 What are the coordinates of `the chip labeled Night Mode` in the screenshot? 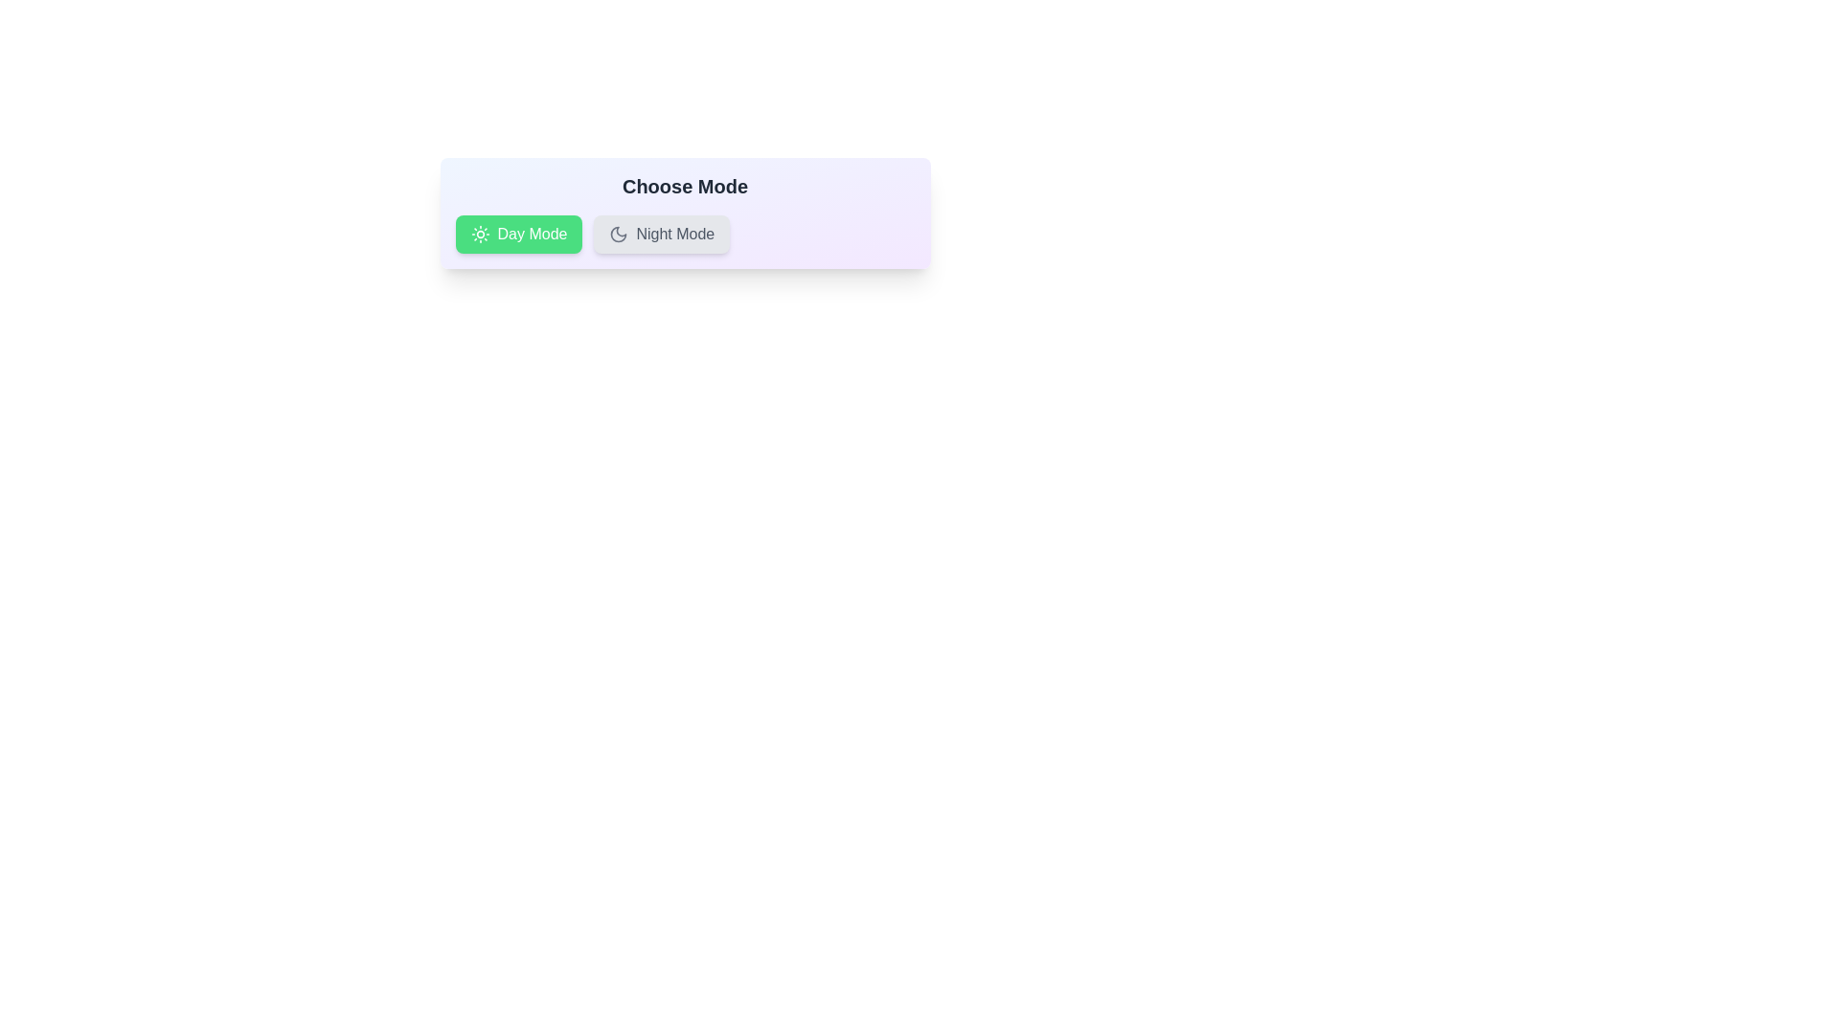 It's located at (662, 234).